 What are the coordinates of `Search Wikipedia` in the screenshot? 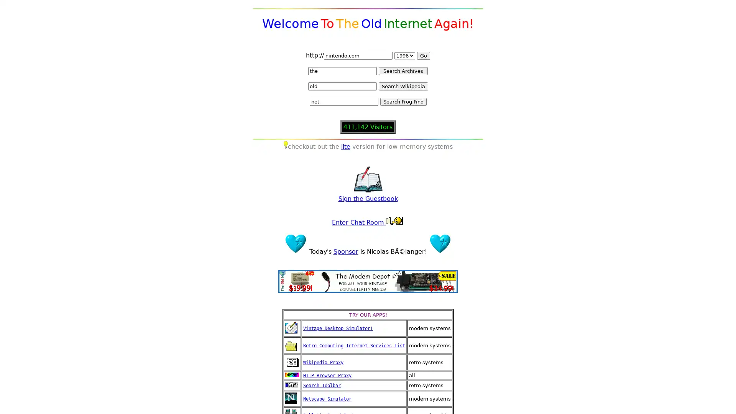 It's located at (402, 86).